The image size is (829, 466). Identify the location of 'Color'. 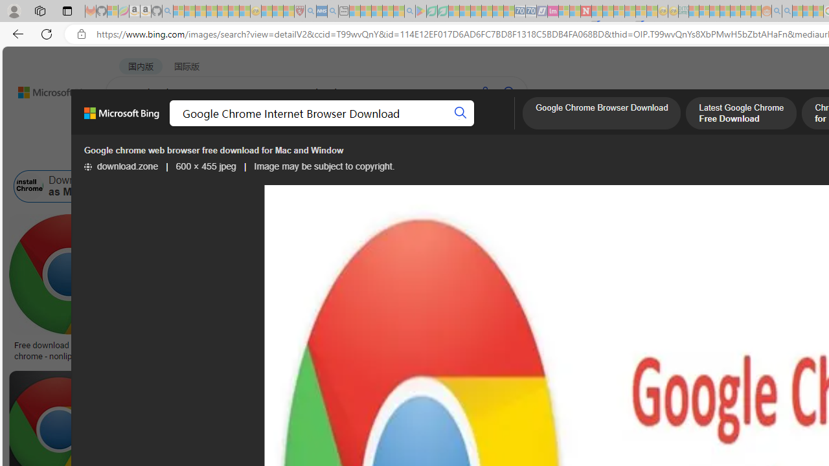
(197, 153).